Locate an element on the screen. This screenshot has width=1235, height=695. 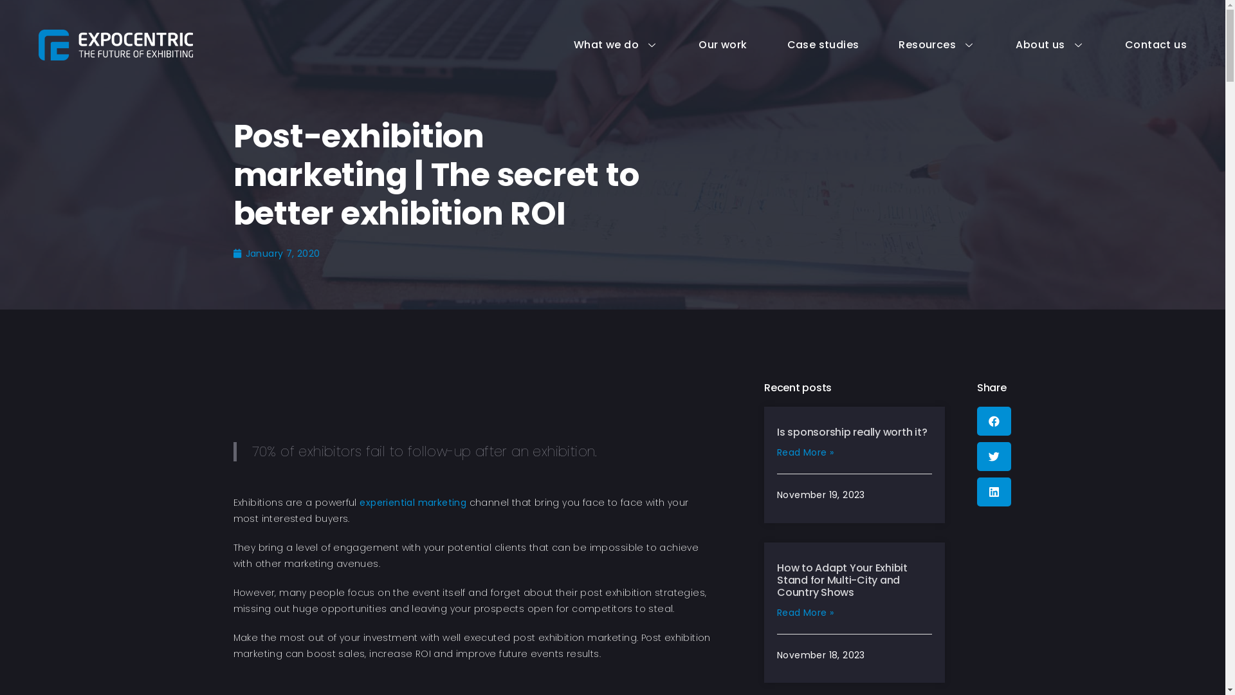
'Our work' is located at coordinates (702, 44).